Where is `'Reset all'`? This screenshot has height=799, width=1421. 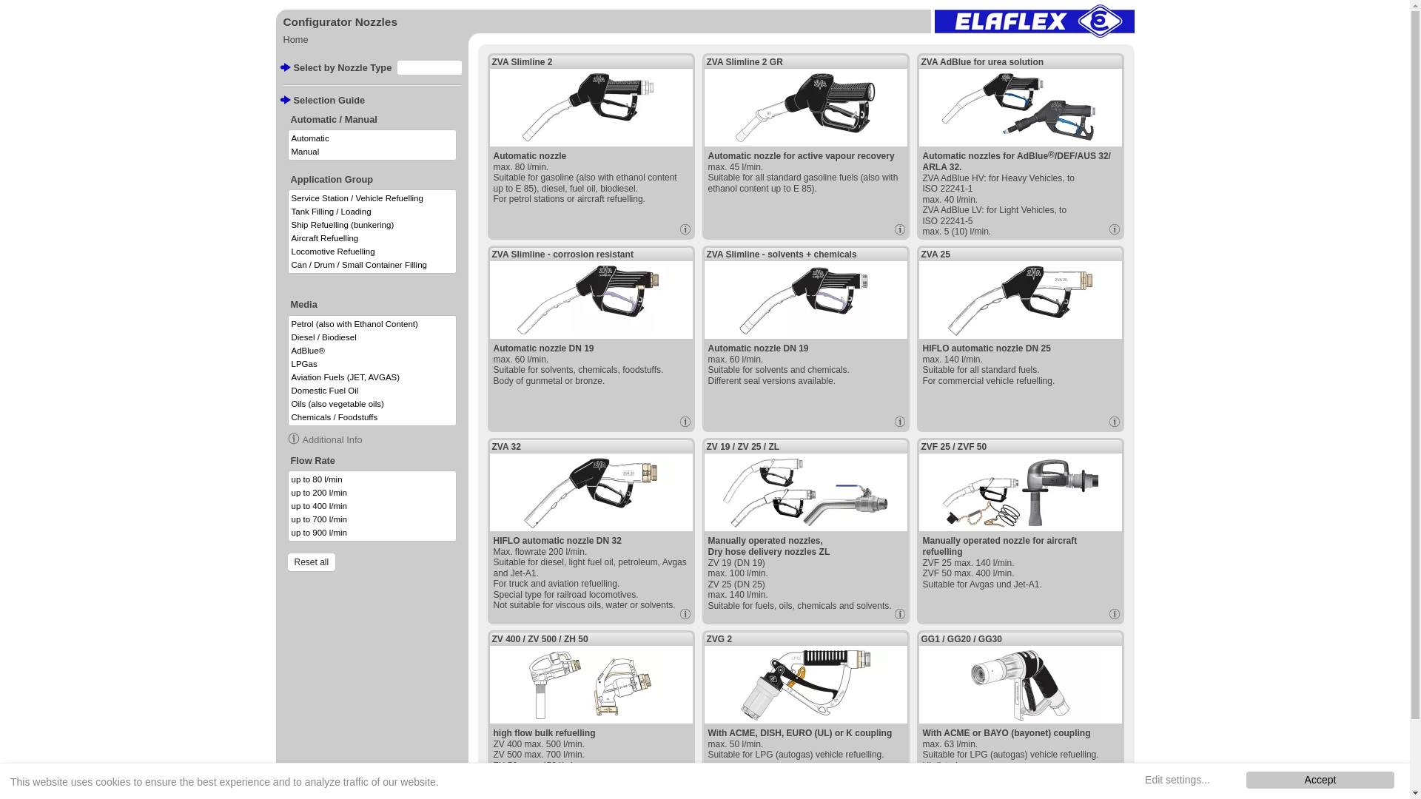
'Reset all' is located at coordinates (310, 562).